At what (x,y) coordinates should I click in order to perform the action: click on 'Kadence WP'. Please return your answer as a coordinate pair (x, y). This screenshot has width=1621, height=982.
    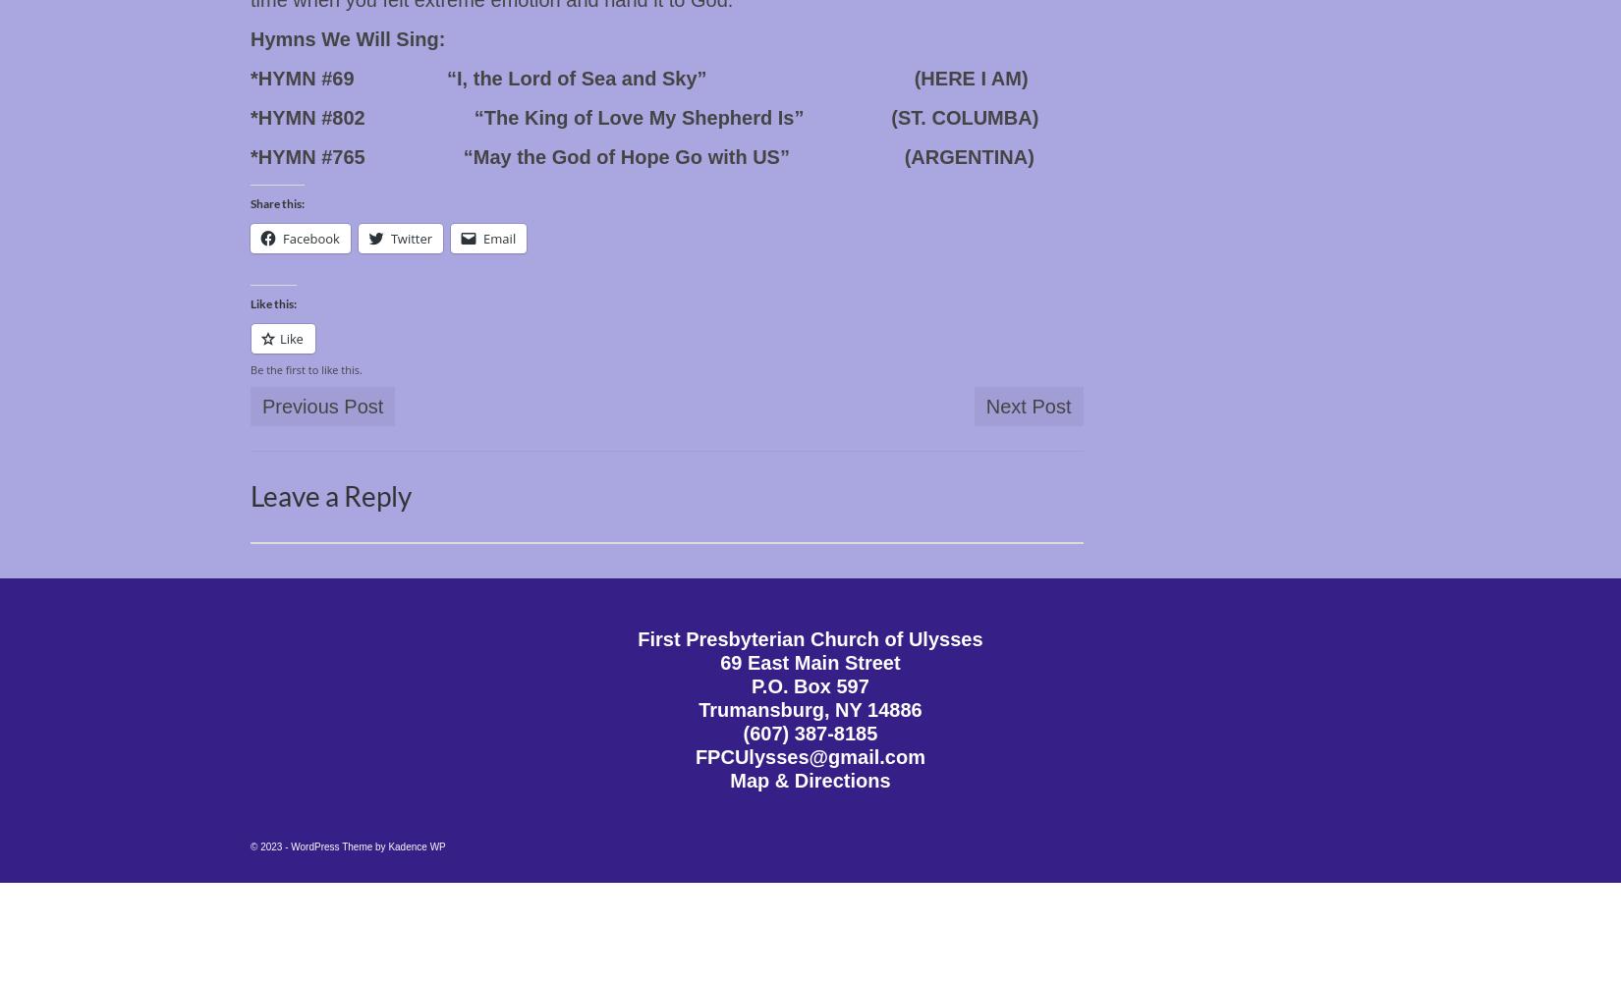
    Looking at the image, I should click on (416, 846).